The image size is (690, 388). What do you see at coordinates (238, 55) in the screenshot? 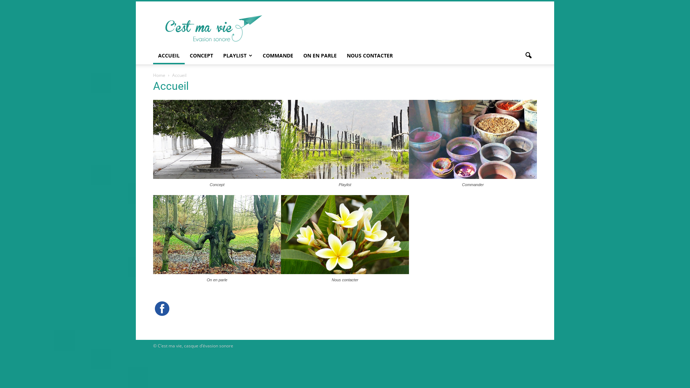
I see `'PLAYLIST'` at bounding box center [238, 55].